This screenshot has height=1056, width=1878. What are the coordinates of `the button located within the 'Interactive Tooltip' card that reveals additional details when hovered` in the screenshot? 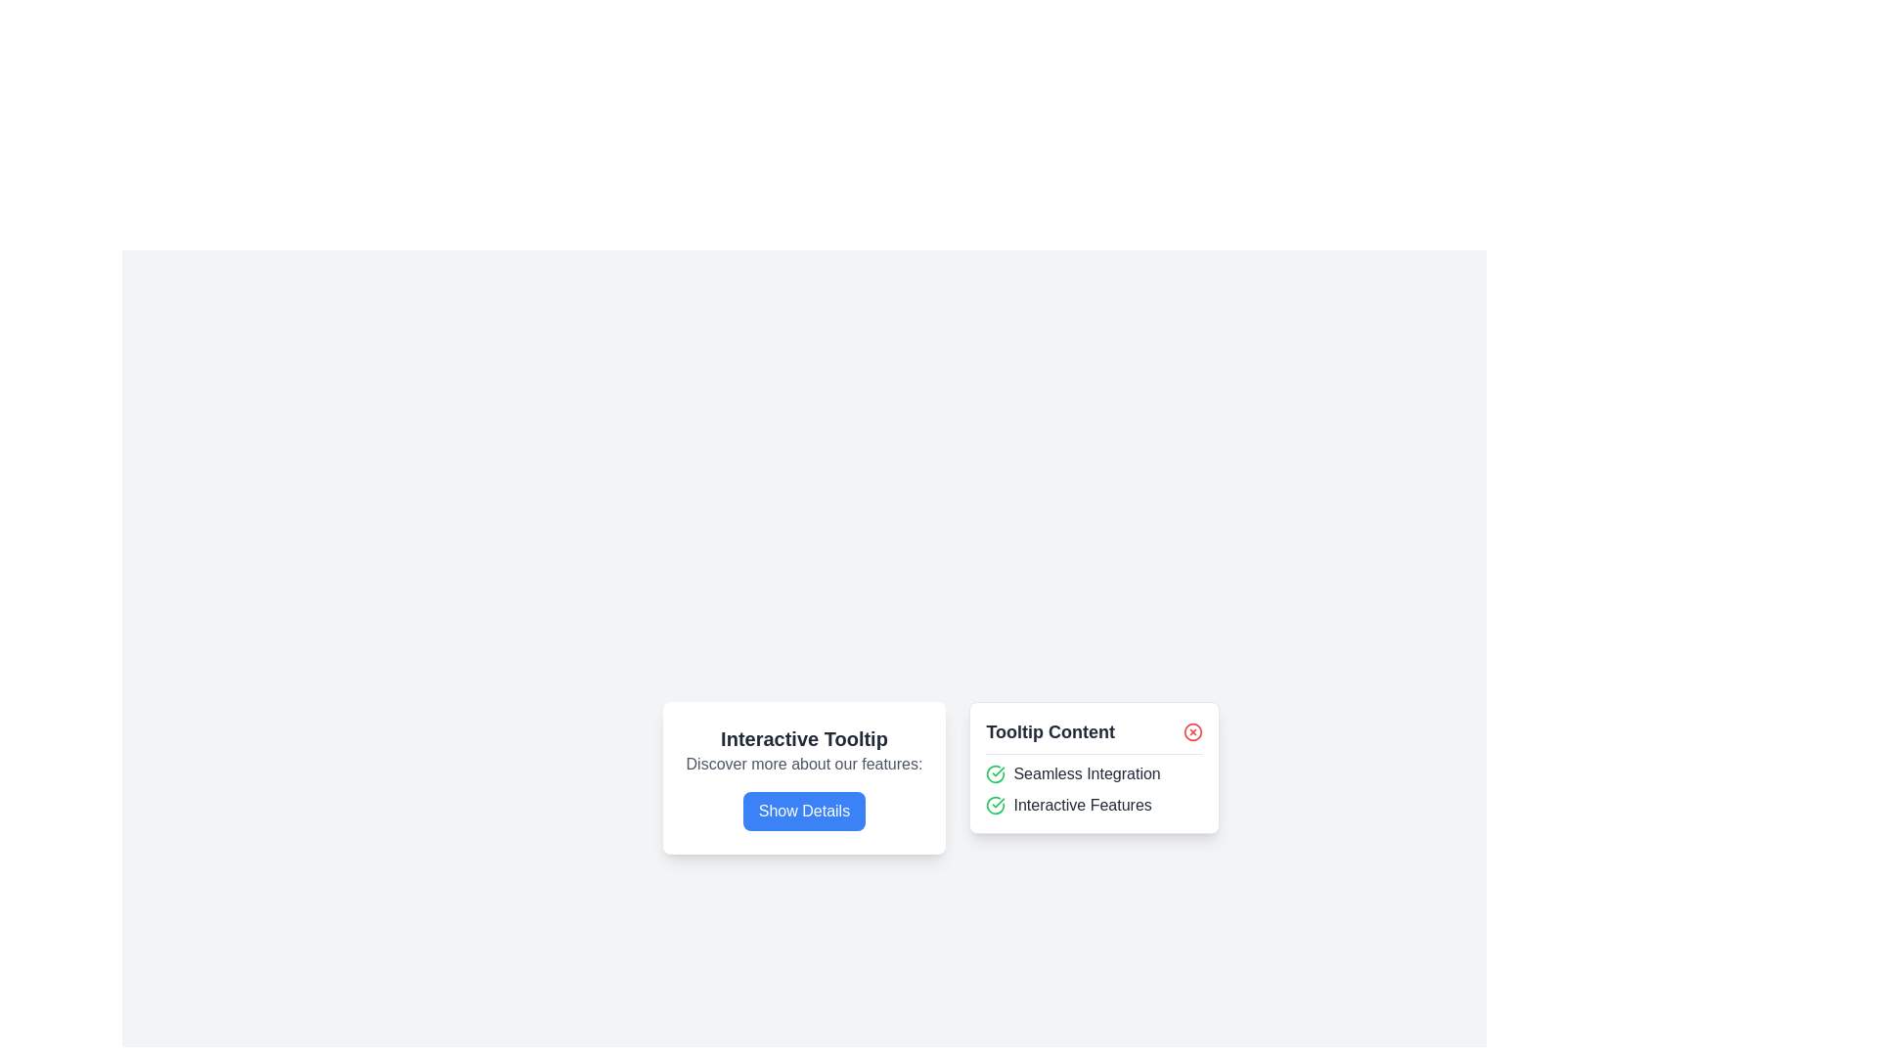 It's located at (804, 811).